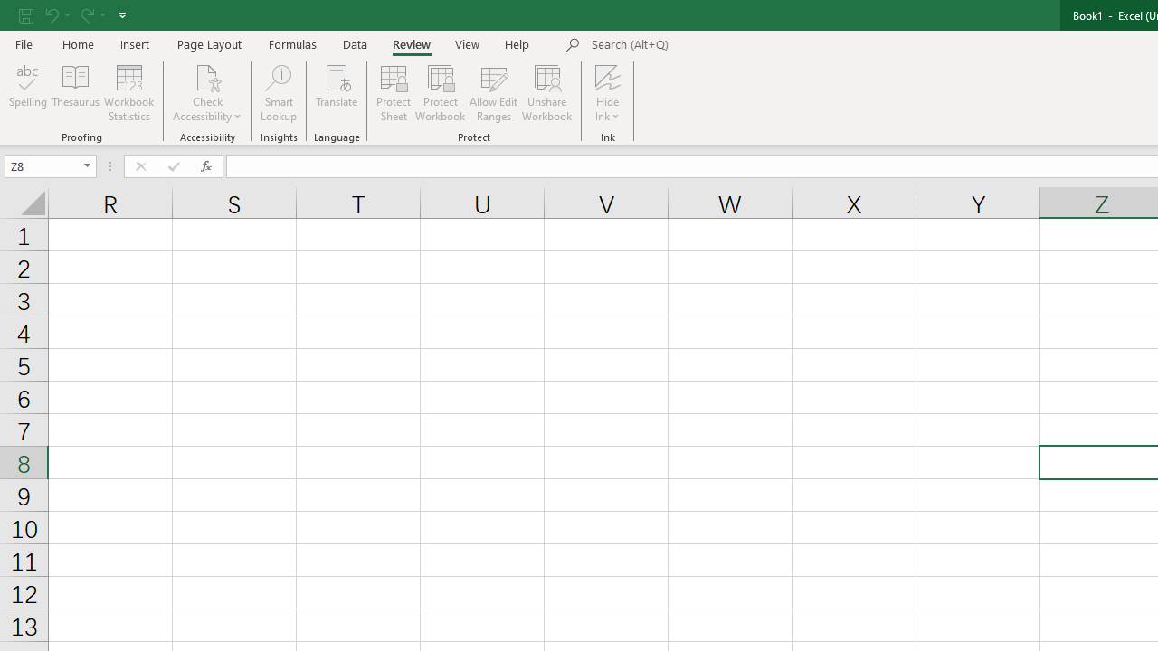 The image size is (1158, 651). What do you see at coordinates (608, 109) in the screenshot?
I see `'More Options'` at bounding box center [608, 109].